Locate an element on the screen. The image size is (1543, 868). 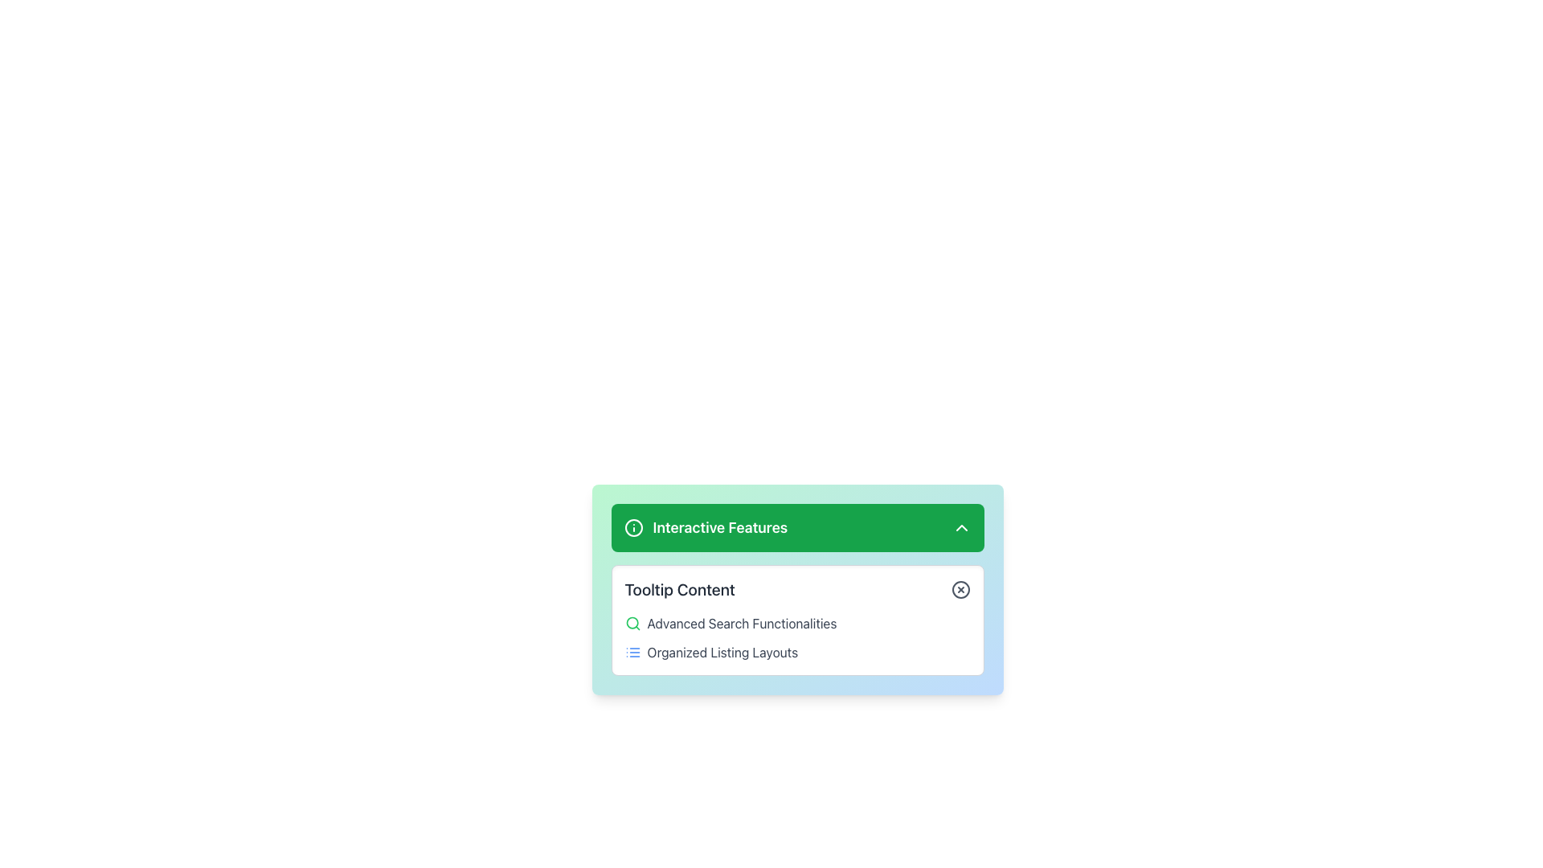
the text label displaying 'Organized Listing Layouts' in gray, located in the 'Tooltip Content' section under 'Interactive Features' is located at coordinates (722, 653).